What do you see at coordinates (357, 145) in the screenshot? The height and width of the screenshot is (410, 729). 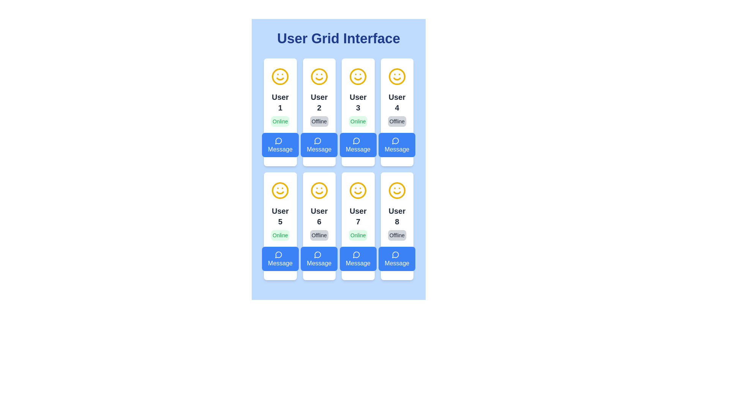 I see `the button located in the card representing 'User 3' to initiate the messaging interface` at bounding box center [357, 145].